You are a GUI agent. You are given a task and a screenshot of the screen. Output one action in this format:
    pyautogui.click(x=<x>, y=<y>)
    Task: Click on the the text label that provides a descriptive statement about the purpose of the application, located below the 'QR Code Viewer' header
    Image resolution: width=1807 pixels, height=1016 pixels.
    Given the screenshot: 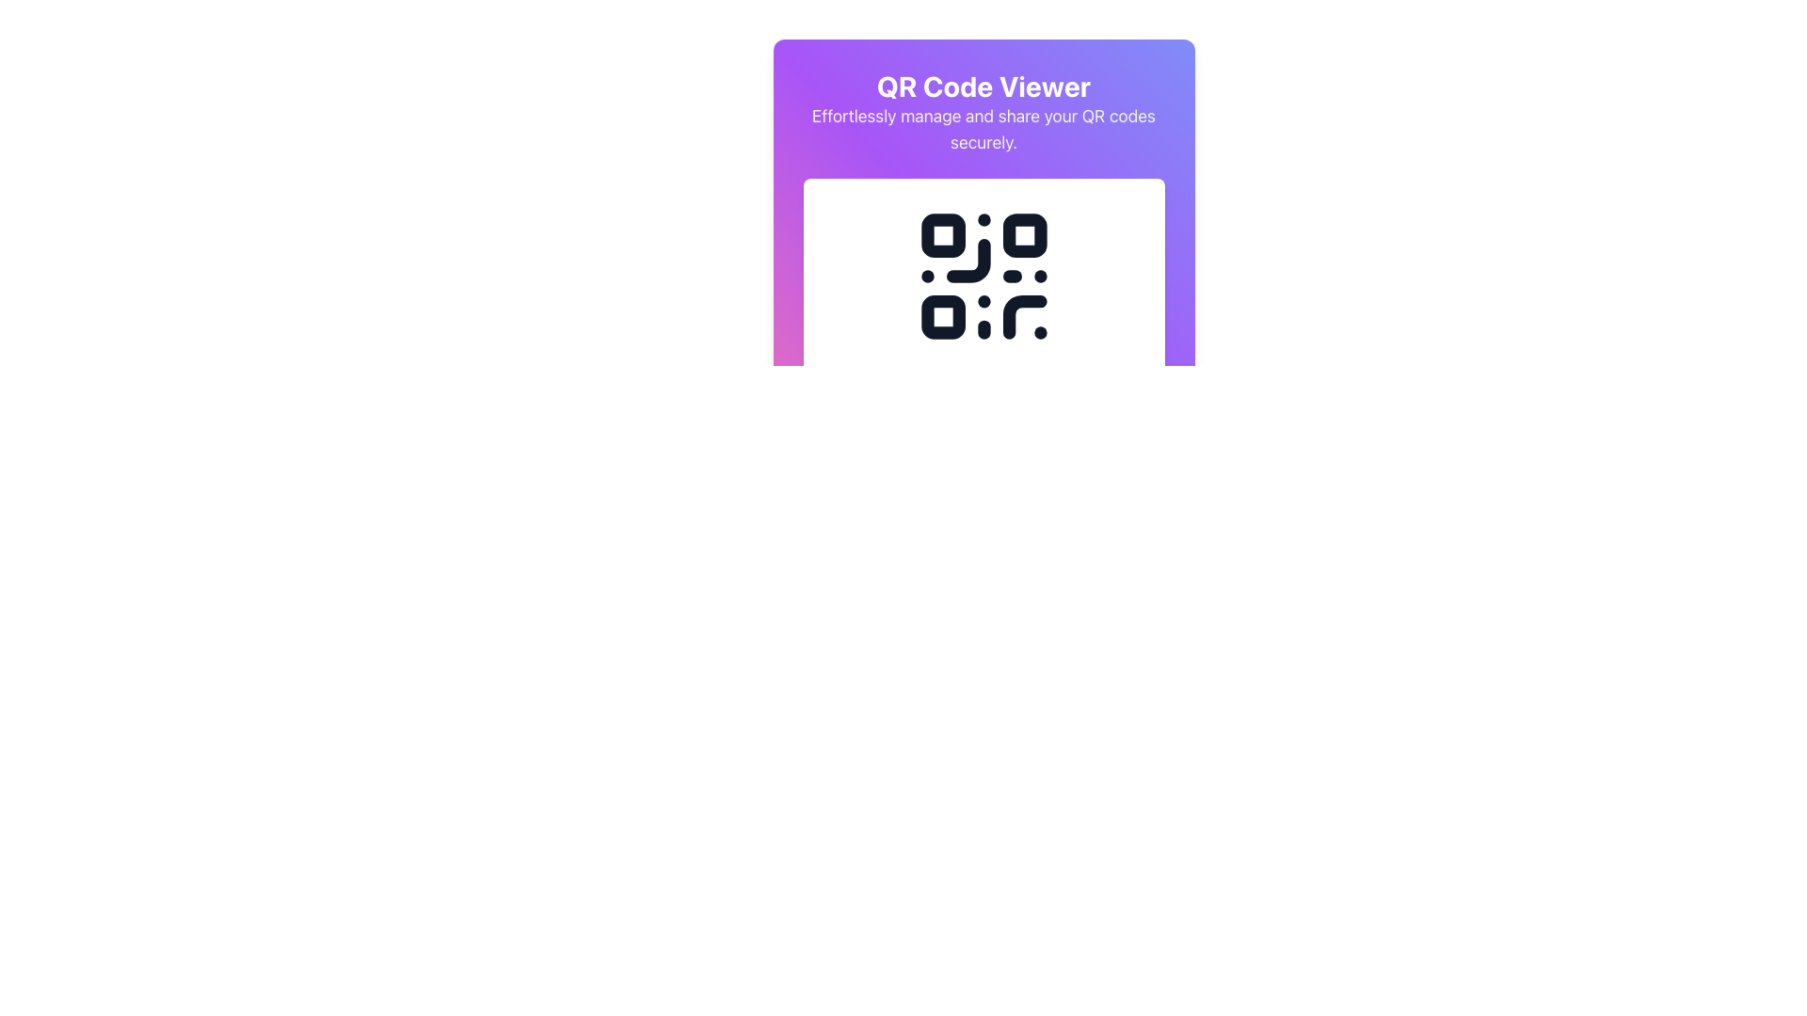 What is the action you would take?
    pyautogui.click(x=983, y=129)
    